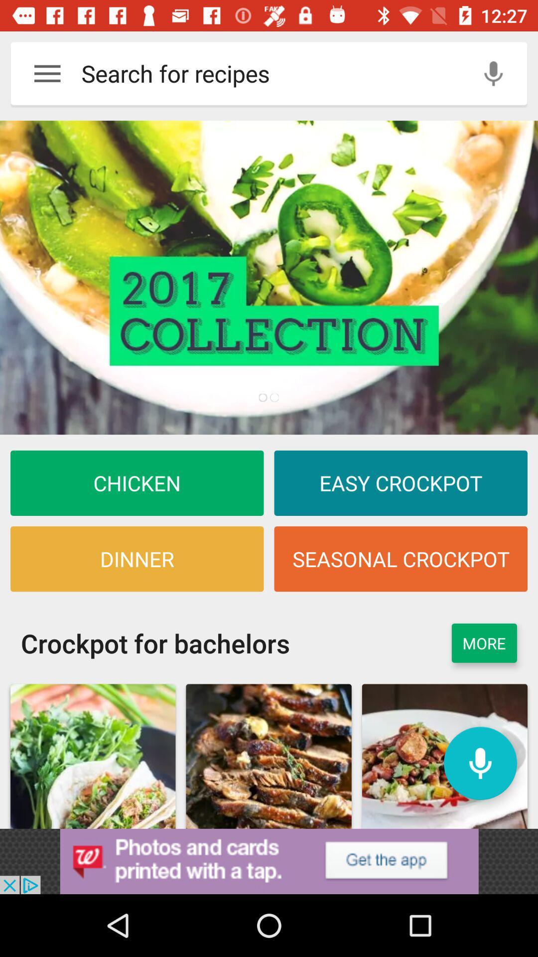  I want to click on 2017 collection, so click(269, 278).